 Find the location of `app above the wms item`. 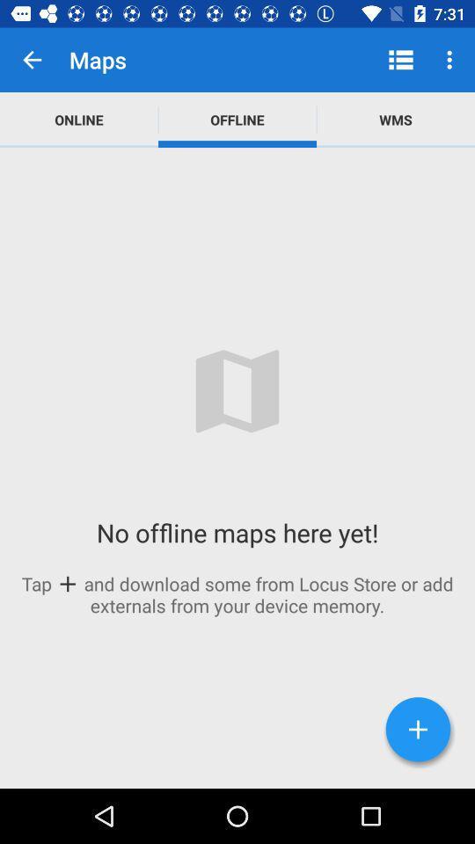

app above the wms item is located at coordinates (451, 60).